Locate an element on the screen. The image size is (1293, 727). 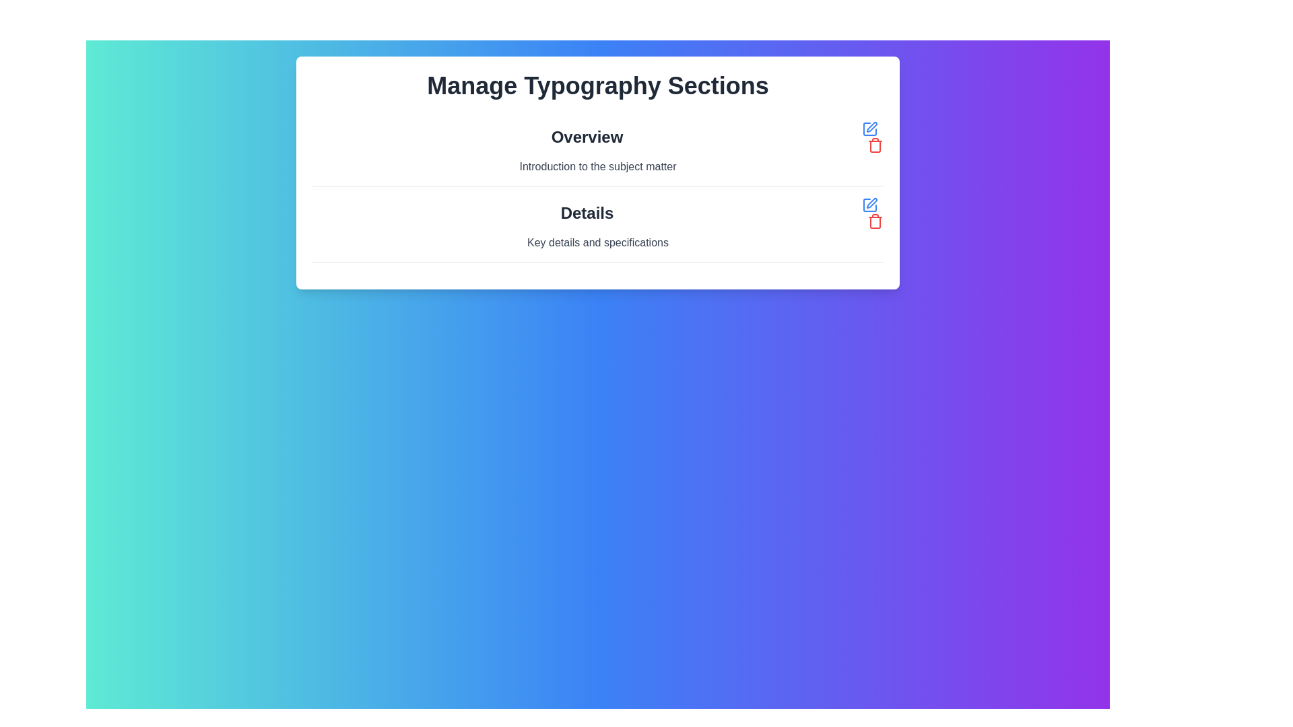
the bold 'Overview' text label positioned prominently at the top of the subsection under 'Manage Typography Sections' is located at coordinates (587, 137).